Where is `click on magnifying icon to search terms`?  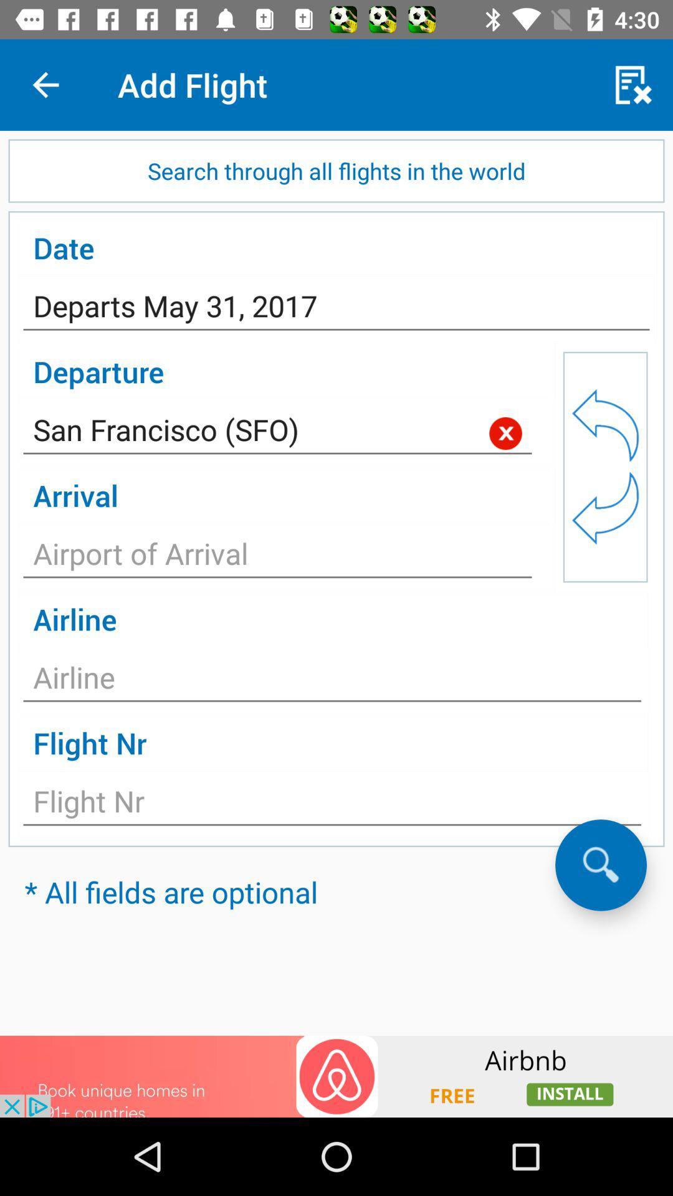
click on magnifying icon to search terms is located at coordinates (600, 864).